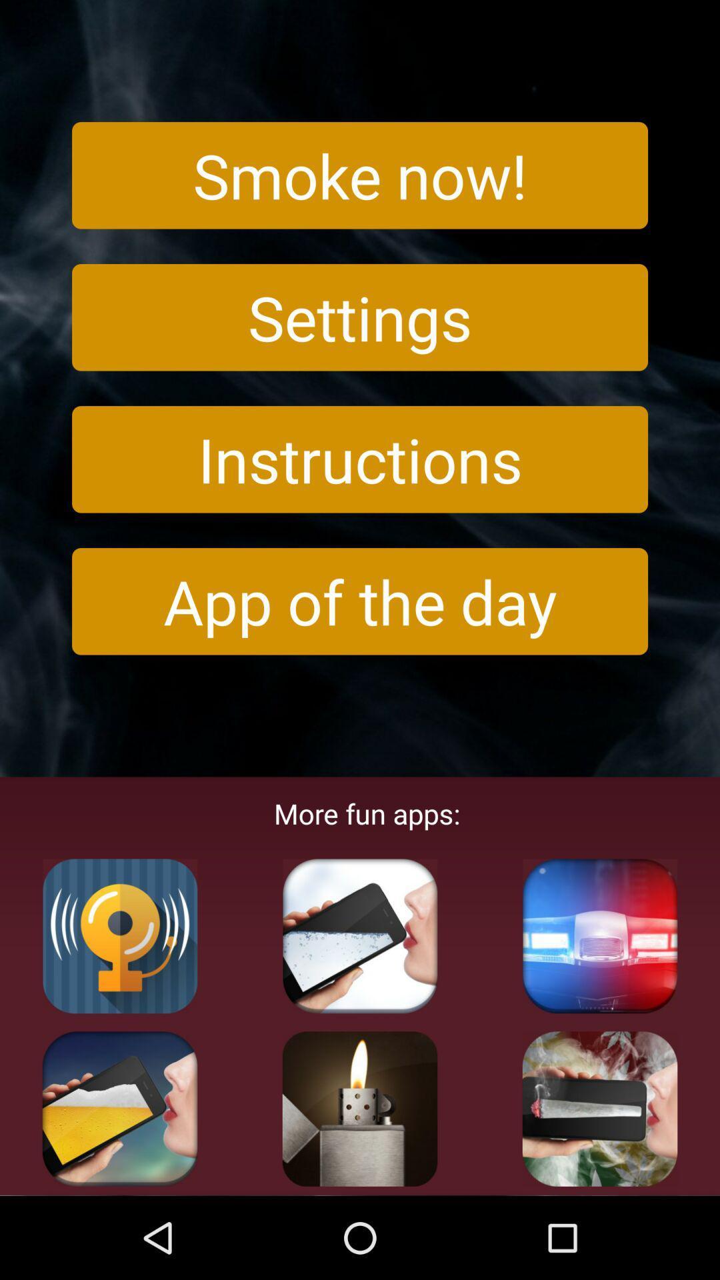  Describe the element at coordinates (360, 935) in the screenshot. I see `app to download` at that location.